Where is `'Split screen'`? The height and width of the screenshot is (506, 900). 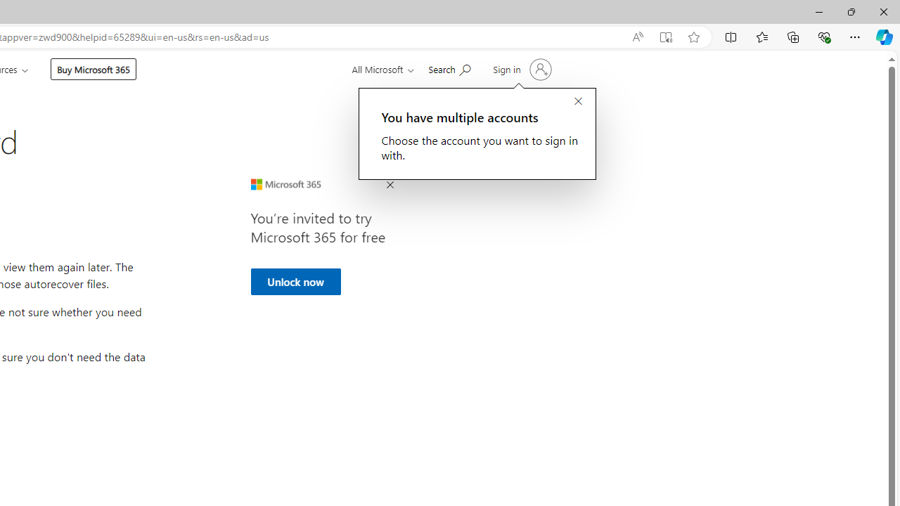
'Split screen' is located at coordinates (731, 36).